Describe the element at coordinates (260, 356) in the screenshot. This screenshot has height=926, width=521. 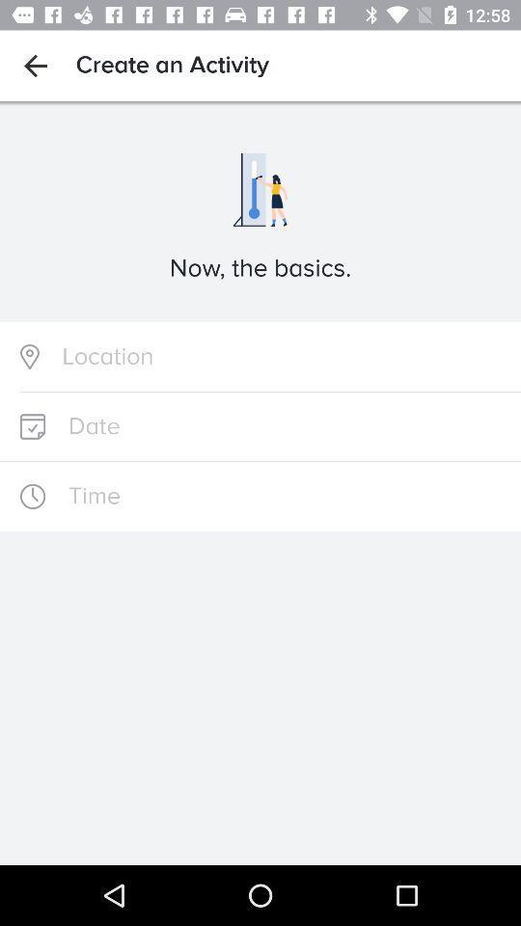
I see `location text bar` at that location.